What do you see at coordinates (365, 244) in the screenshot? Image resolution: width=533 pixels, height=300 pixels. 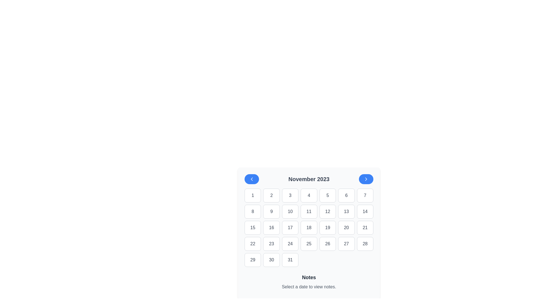 I see `the square-shaped button labeled '28' in the bottom row of the calendar grid for November 2023` at bounding box center [365, 244].